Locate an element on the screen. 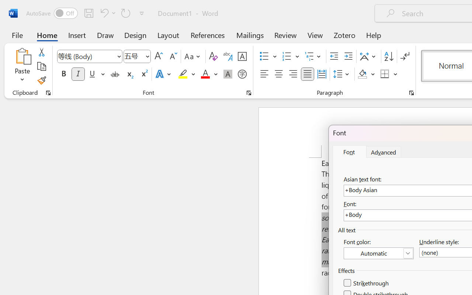  'Decrease Indent' is located at coordinates (334, 56).